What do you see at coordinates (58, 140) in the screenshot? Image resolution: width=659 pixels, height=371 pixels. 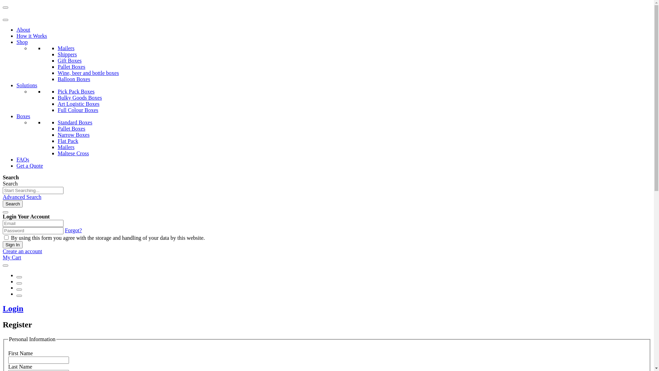 I see `'Flat Pack'` at bounding box center [58, 140].